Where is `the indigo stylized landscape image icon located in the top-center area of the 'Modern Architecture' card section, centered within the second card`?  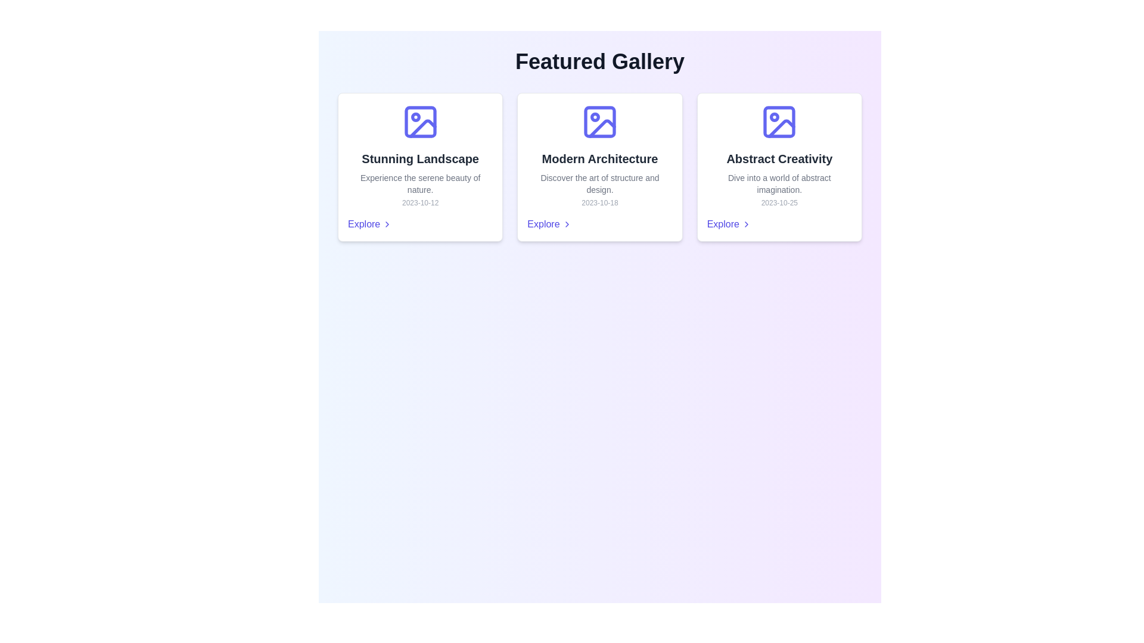
the indigo stylized landscape image icon located in the top-center area of the 'Modern Architecture' card section, centered within the second card is located at coordinates (600, 121).